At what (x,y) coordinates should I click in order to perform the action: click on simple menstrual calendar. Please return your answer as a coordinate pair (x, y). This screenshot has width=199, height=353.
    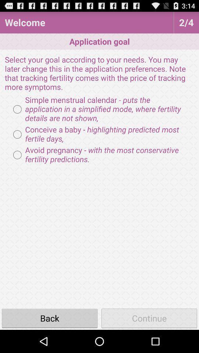
    Looking at the image, I should click on (99, 109).